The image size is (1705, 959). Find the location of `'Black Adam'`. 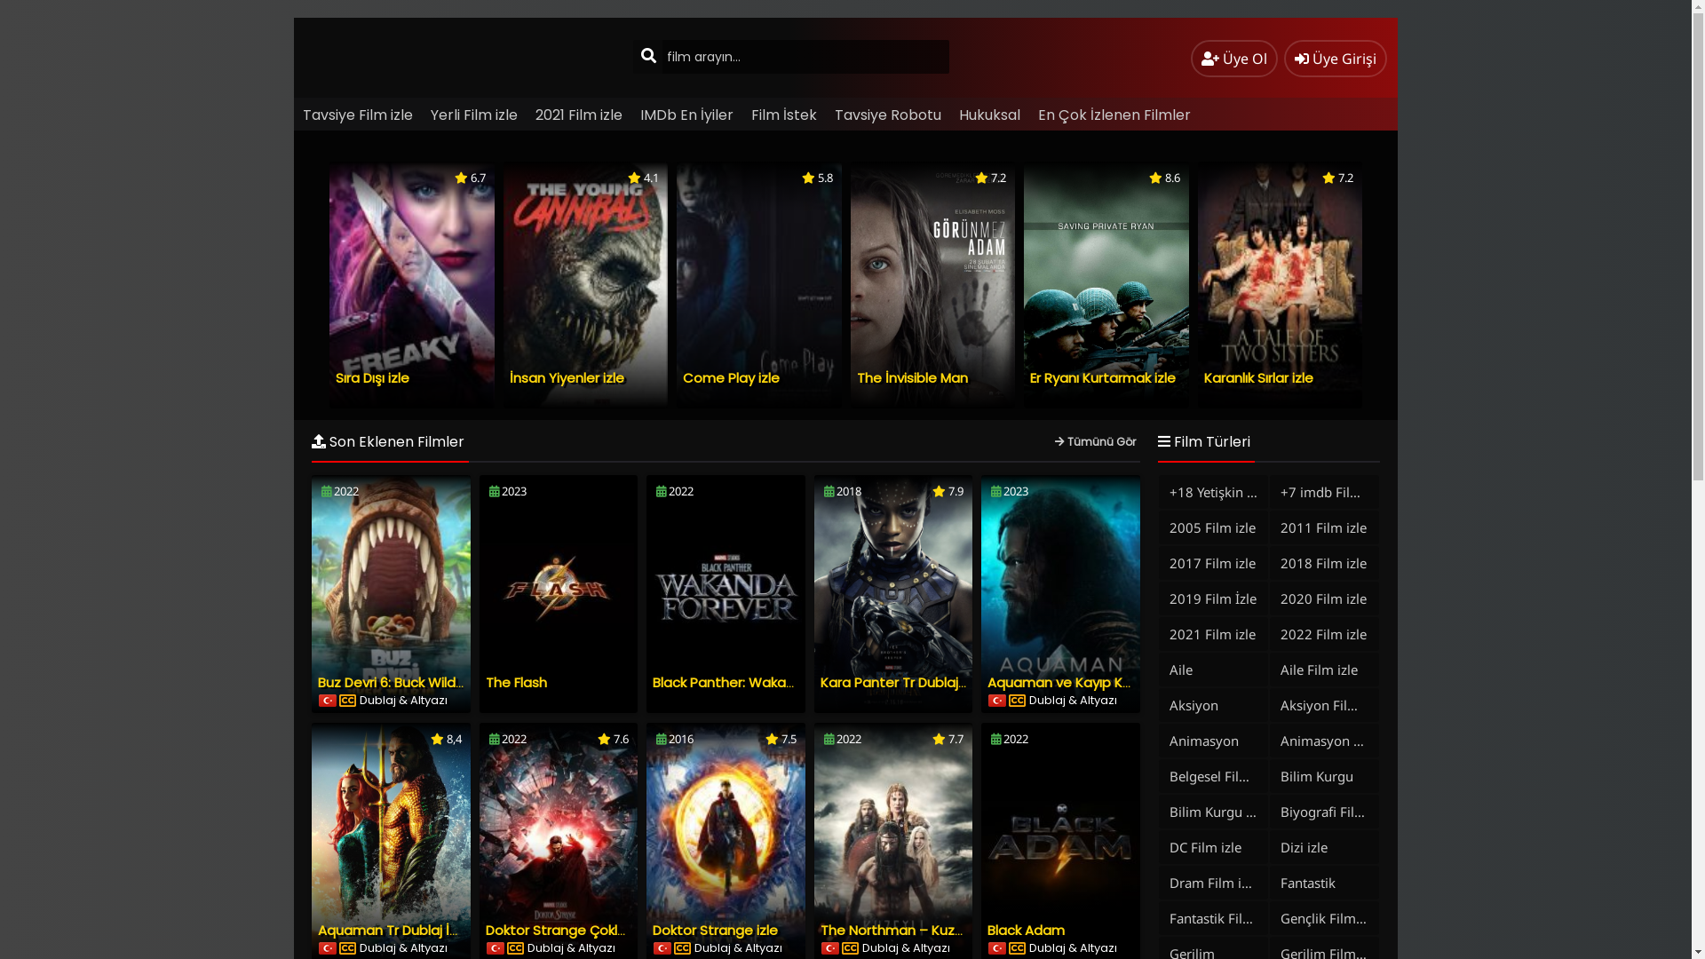

'Black Adam' is located at coordinates (1026, 929).